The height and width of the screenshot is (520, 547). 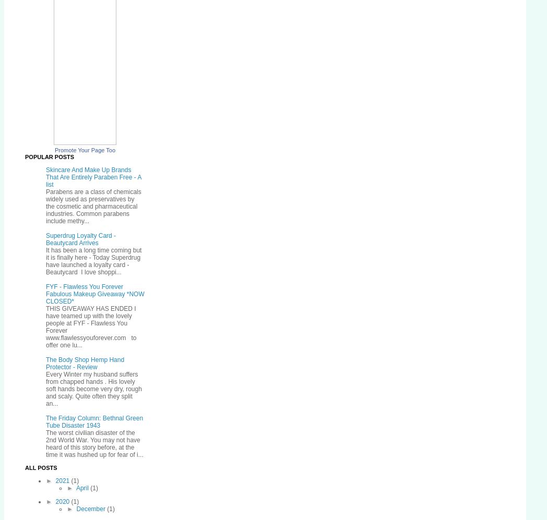 What do you see at coordinates (85, 363) in the screenshot?
I see `'The Body Shop Hemp Hand Protector - Review'` at bounding box center [85, 363].